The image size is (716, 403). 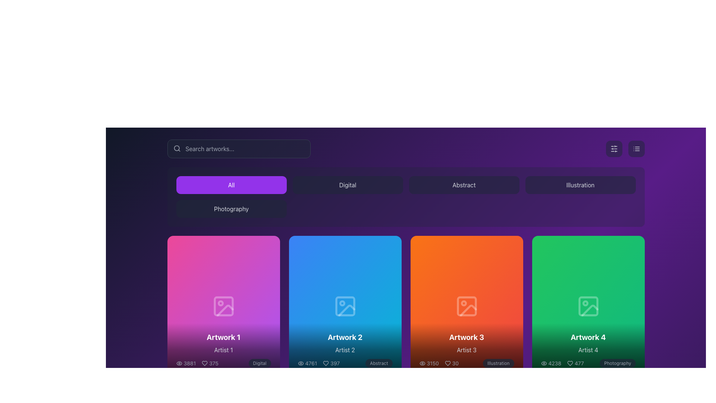 What do you see at coordinates (186, 363) in the screenshot?
I see `the number '3881' adjacent to the eye icon in the status indicator located at the bottom-left corner of the 'Artwork 1' card` at bounding box center [186, 363].